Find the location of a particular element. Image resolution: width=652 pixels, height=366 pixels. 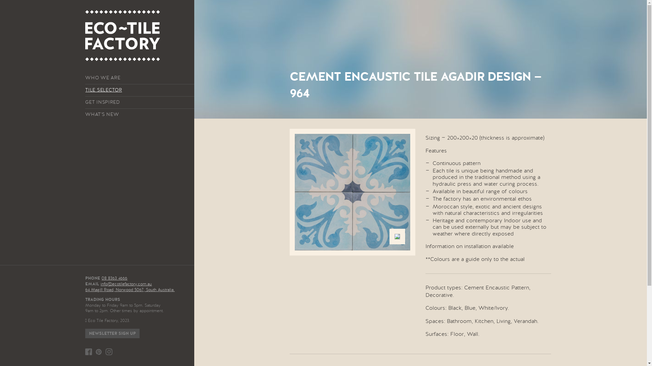

'WHO WE ARE' is located at coordinates (139, 78).